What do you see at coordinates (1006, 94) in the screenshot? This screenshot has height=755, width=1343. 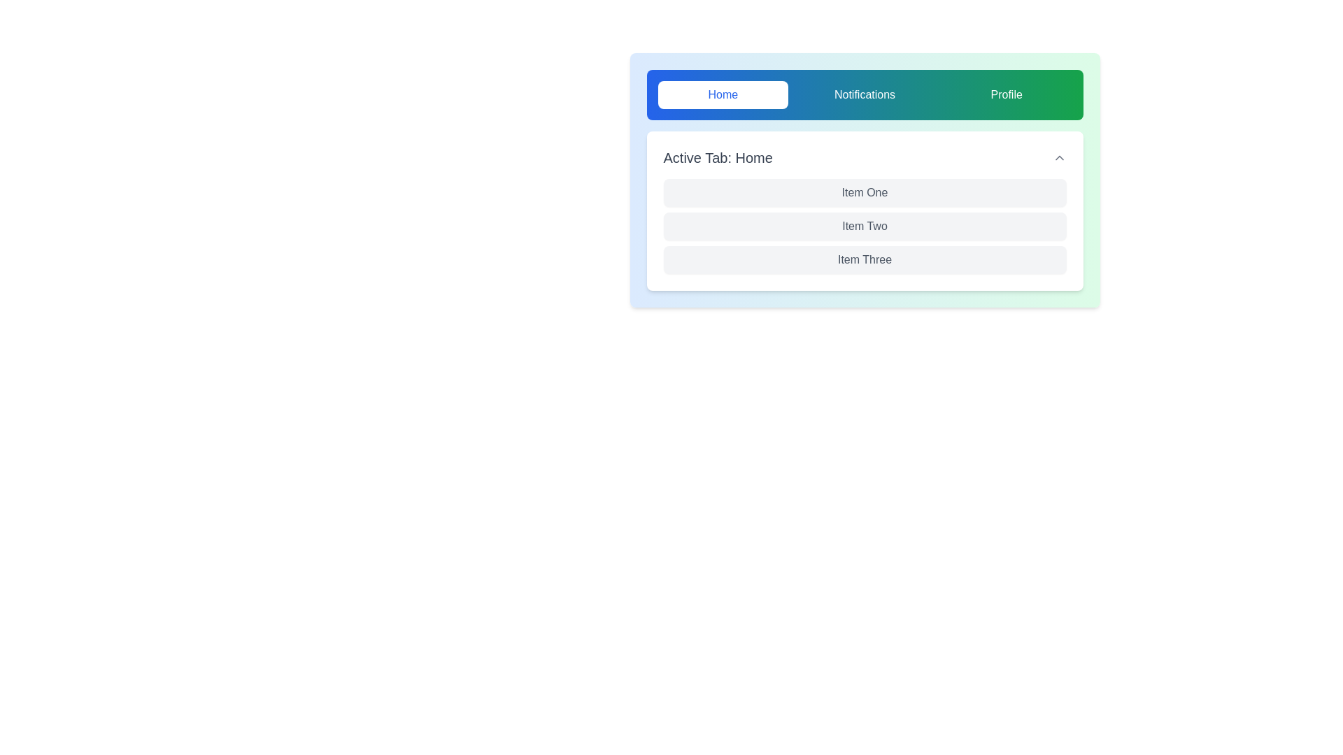 I see `the 'Profile' button located in the header section` at bounding box center [1006, 94].